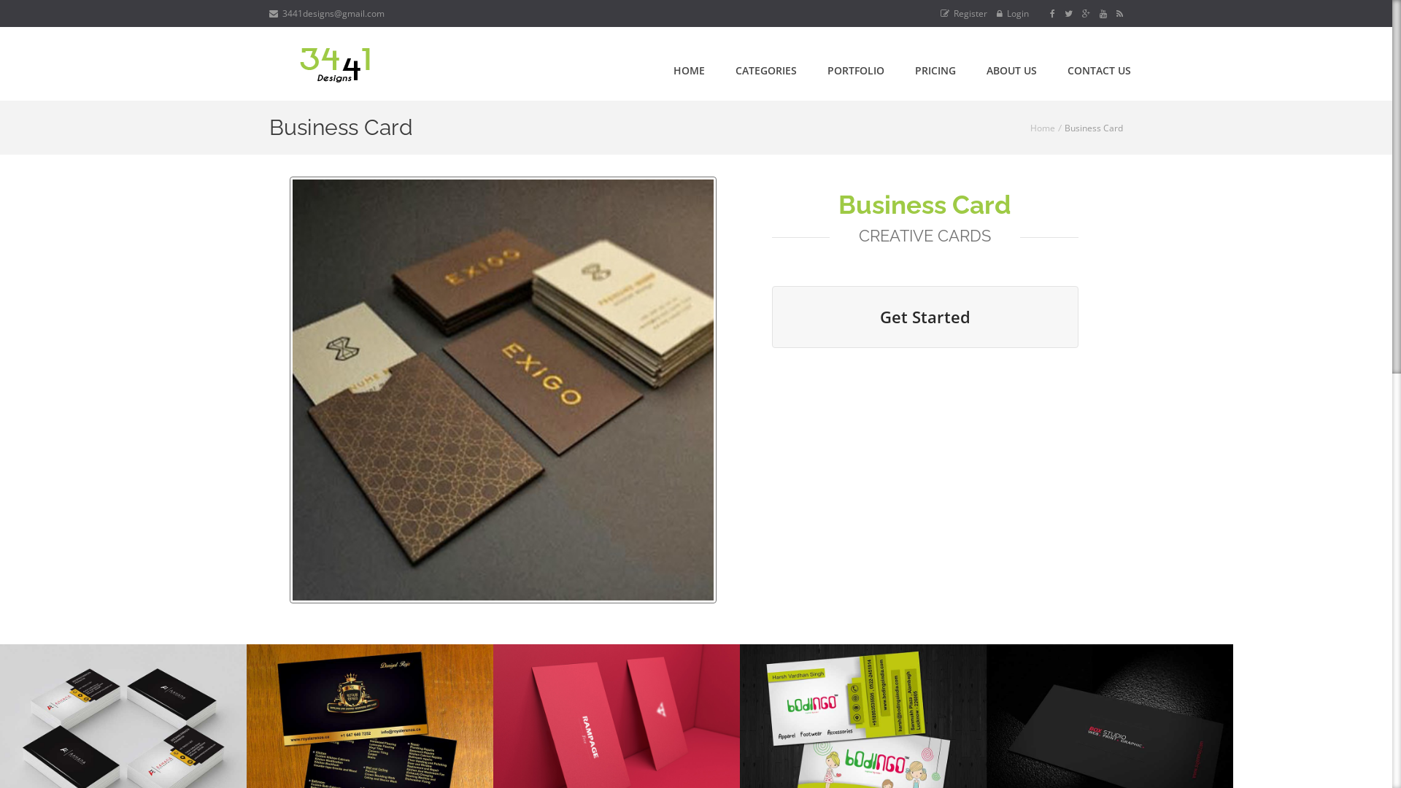  I want to click on '  3441designs@gmail.com', so click(325, 13).